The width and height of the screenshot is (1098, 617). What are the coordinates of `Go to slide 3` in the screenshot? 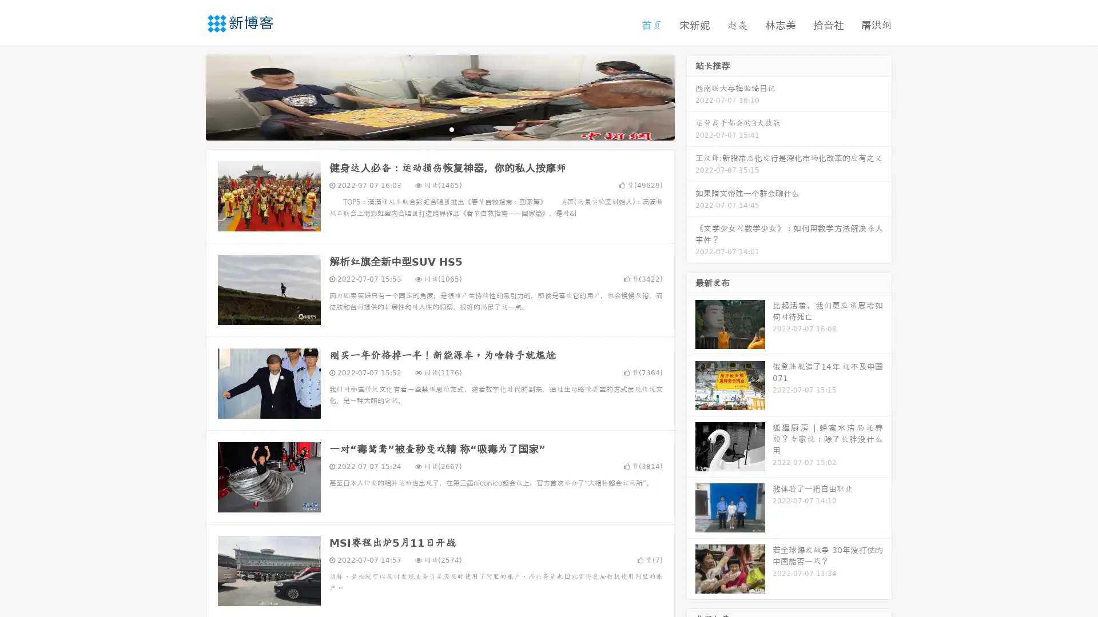 It's located at (451, 129).